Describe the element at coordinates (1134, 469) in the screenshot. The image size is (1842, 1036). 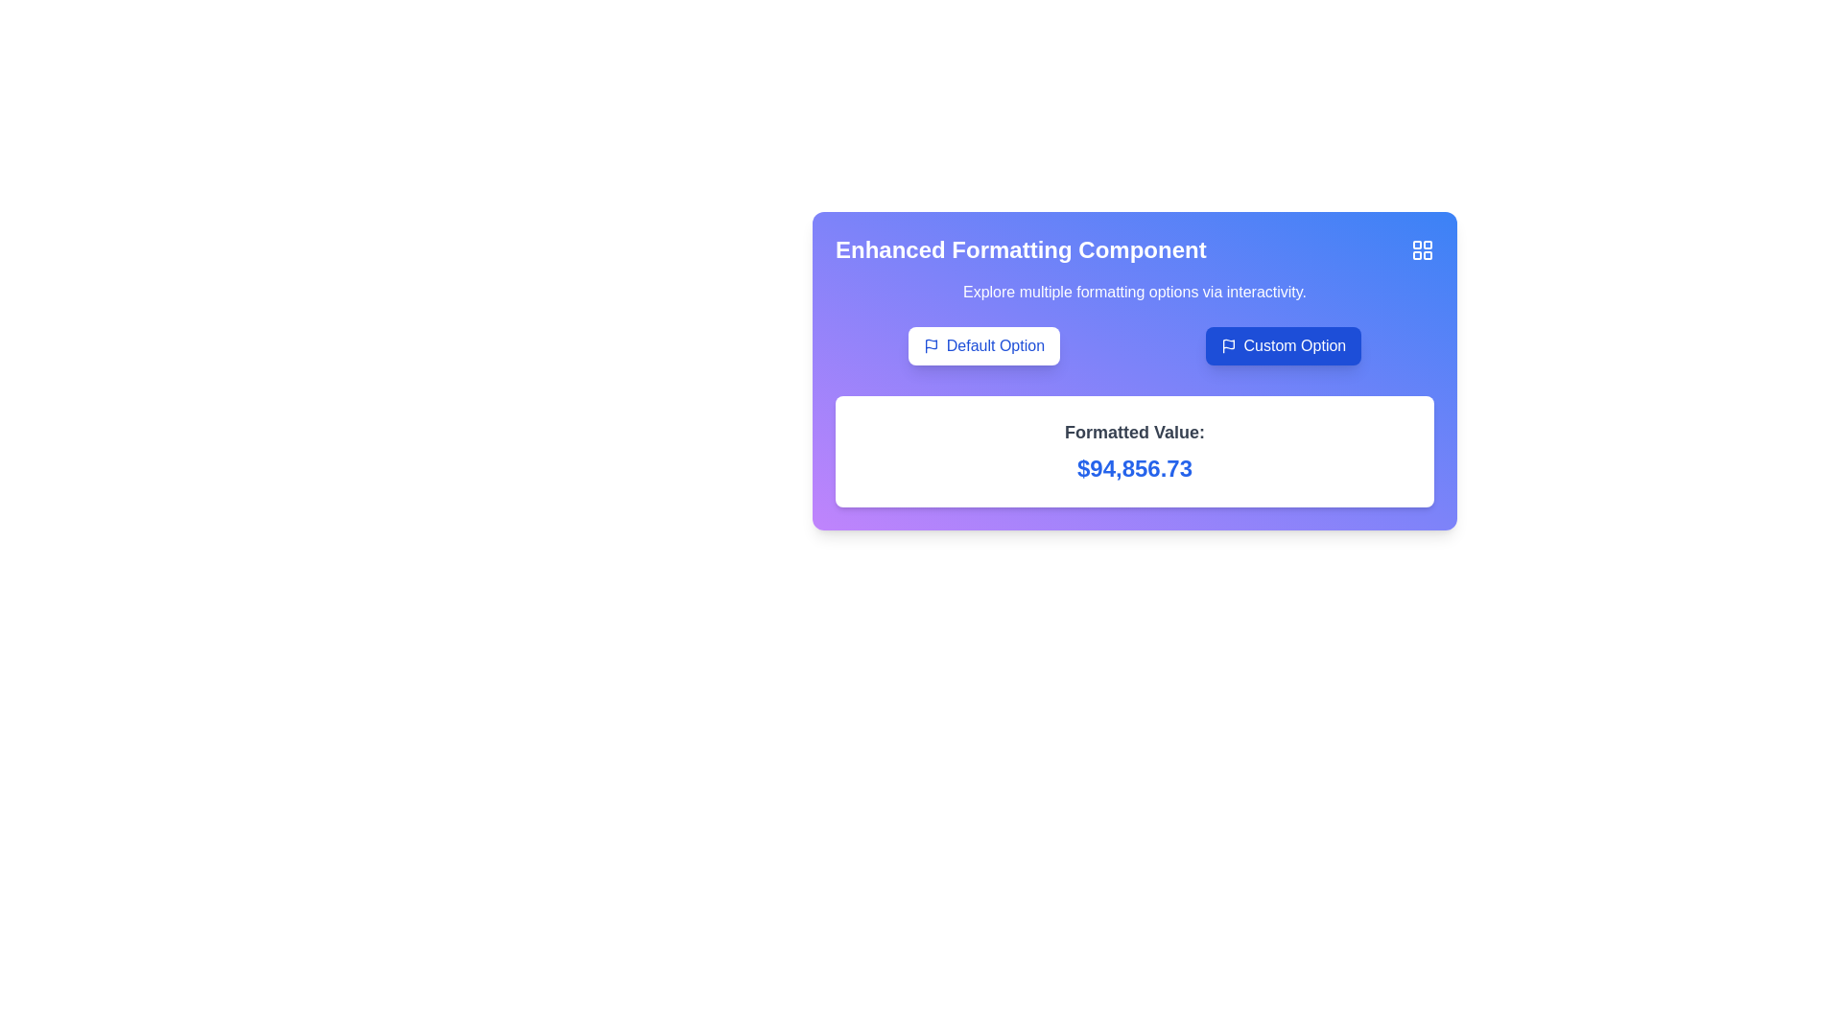
I see `the static text displaying the formatted monetary value located beneath the label 'Formatted Value' in the lower section of the card-like component` at that location.